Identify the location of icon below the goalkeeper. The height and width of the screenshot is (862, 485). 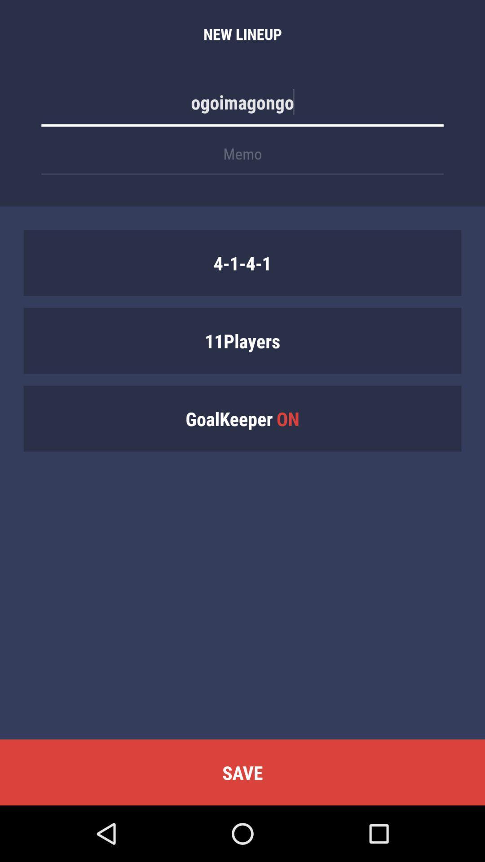
(242, 772).